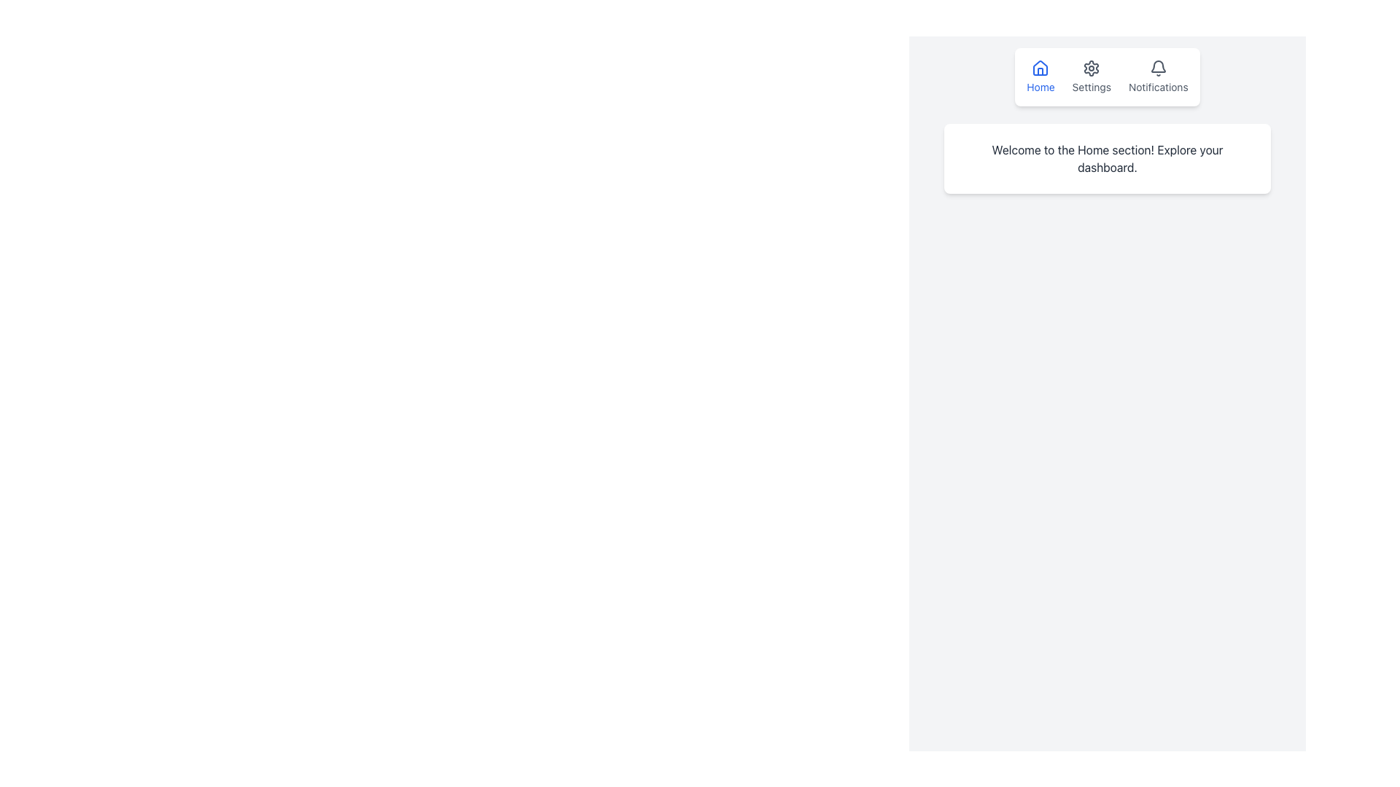  Describe the element at coordinates (1092, 77) in the screenshot. I see `the 'Settings' button with a gear icon located in the center of the navigation bar` at that location.